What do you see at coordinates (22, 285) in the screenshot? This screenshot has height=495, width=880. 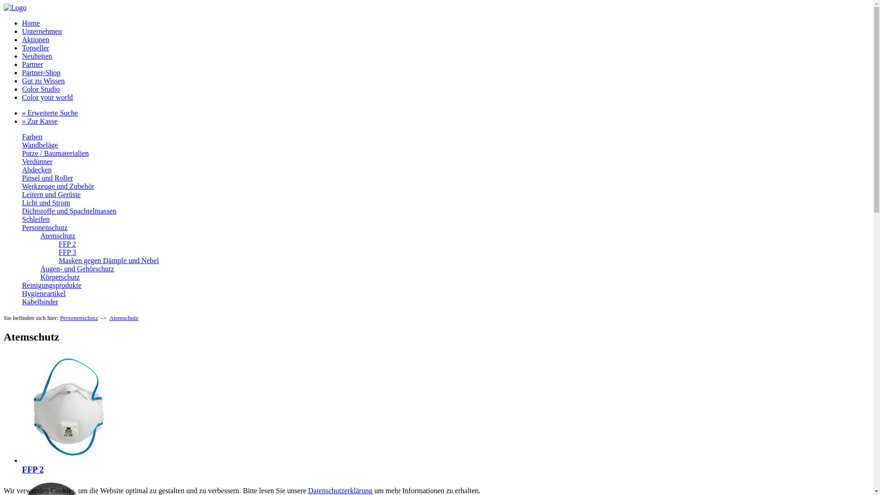 I see `'Reinigungsprodukte'` at bounding box center [22, 285].